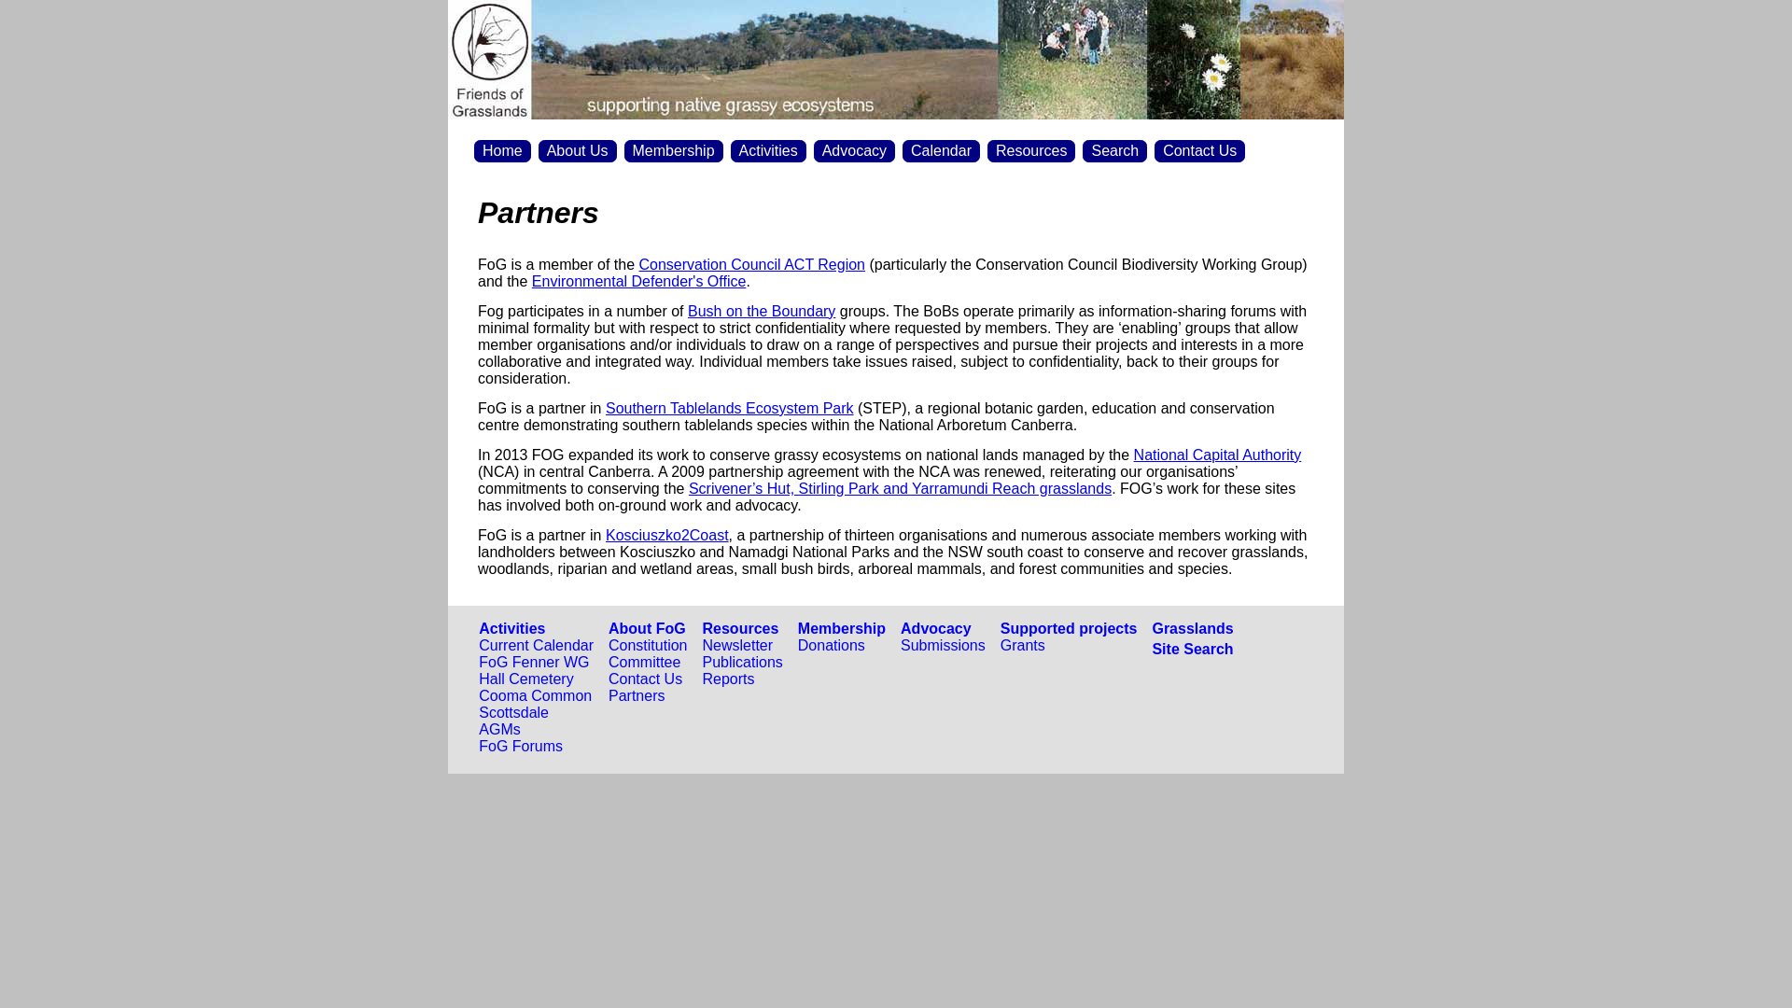 Image resolution: width=1792 pixels, height=1008 pixels. Describe the element at coordinates (1191, 648) in the screenshot. I see `'Site Search'` at that location.